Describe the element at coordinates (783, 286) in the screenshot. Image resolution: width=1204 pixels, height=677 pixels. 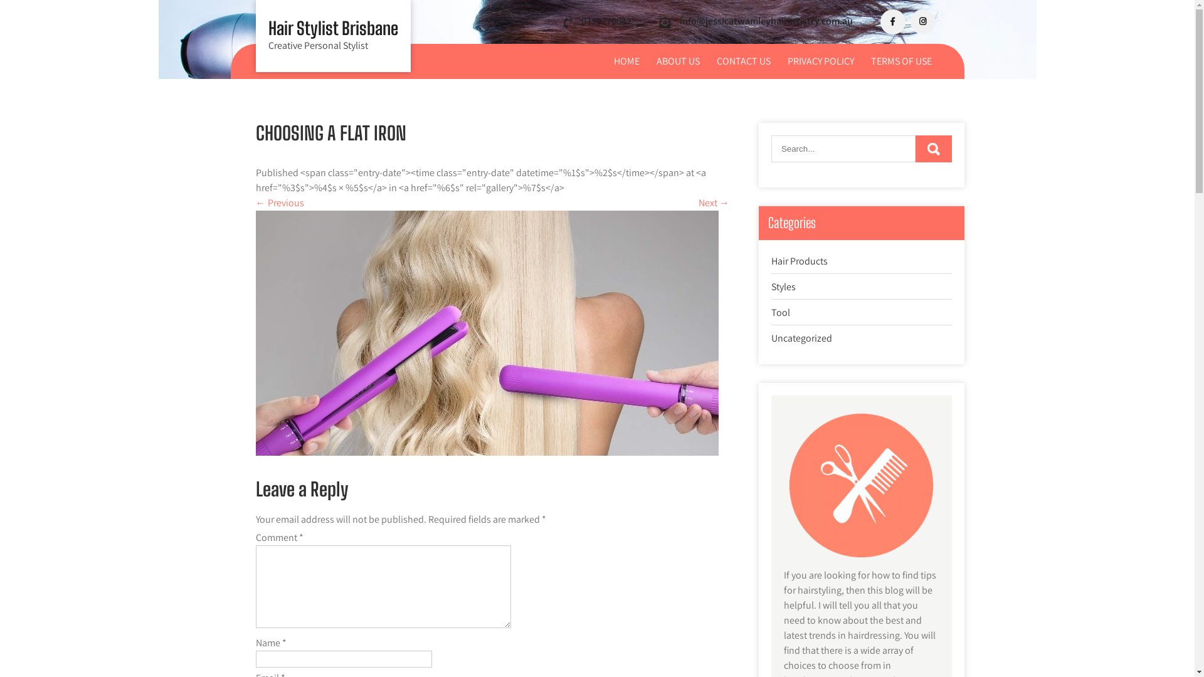
I see `'Styles'` at that location.